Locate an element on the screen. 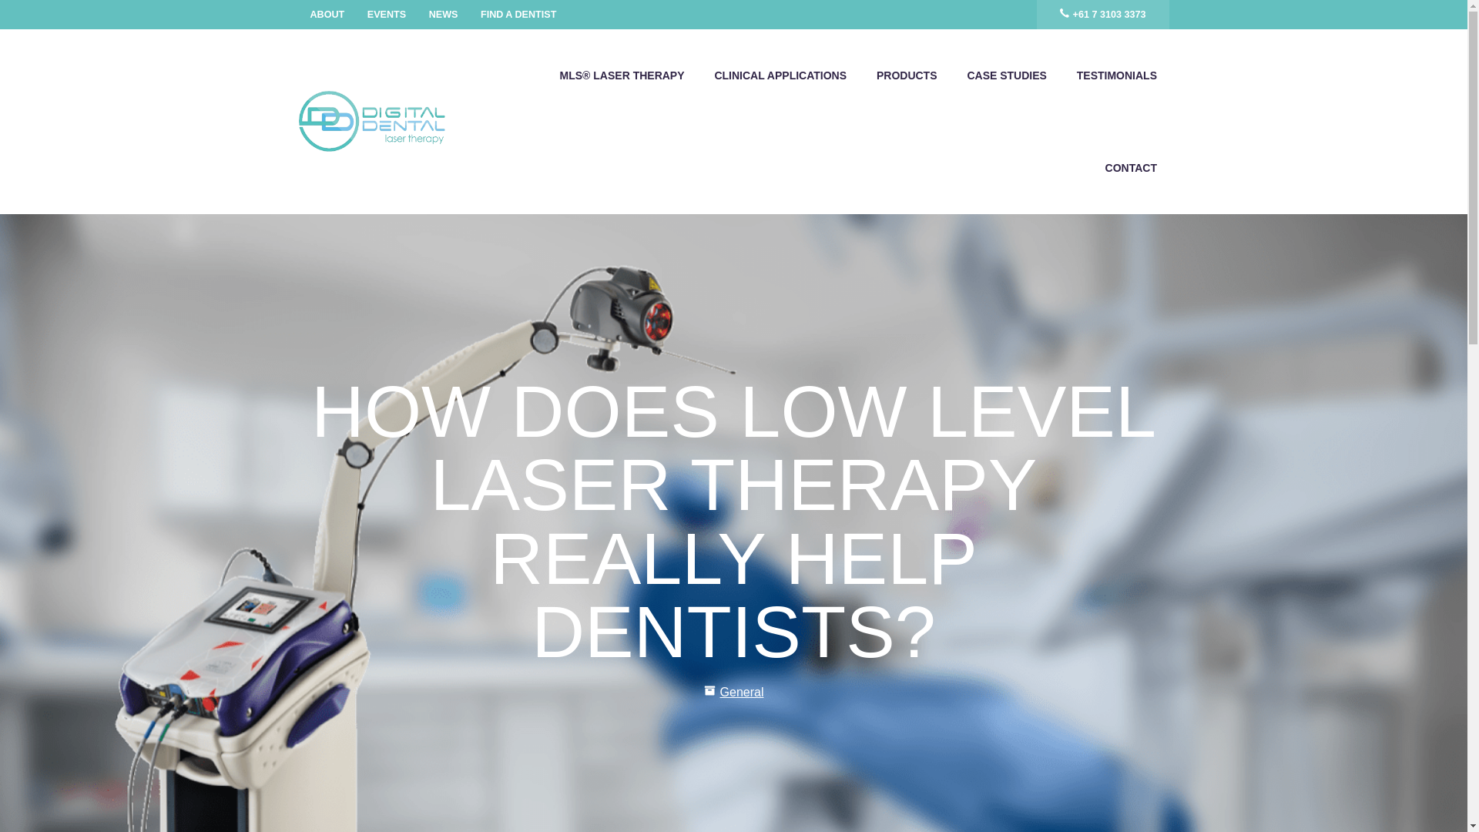 The width and height of the screenshot is (1479, 832). 'CASE STUDIES' is located at coordinates (1006, 75).